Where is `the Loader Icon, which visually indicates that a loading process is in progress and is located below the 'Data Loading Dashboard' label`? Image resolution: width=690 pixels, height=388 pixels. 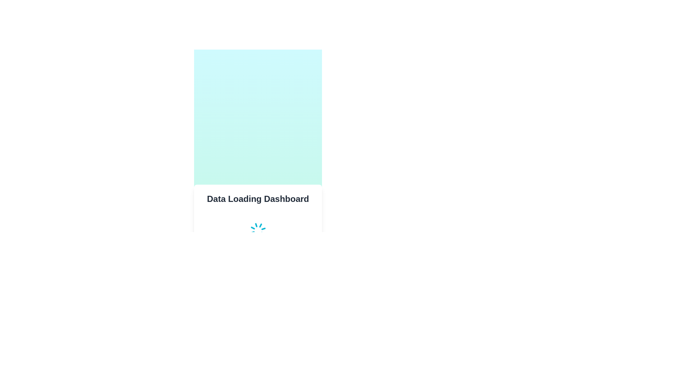 the Loader Icon, which visually indicates that a loading process is in progress and is located below the 'Data Loading Dashboard' label is located at coordinates (258, 230).